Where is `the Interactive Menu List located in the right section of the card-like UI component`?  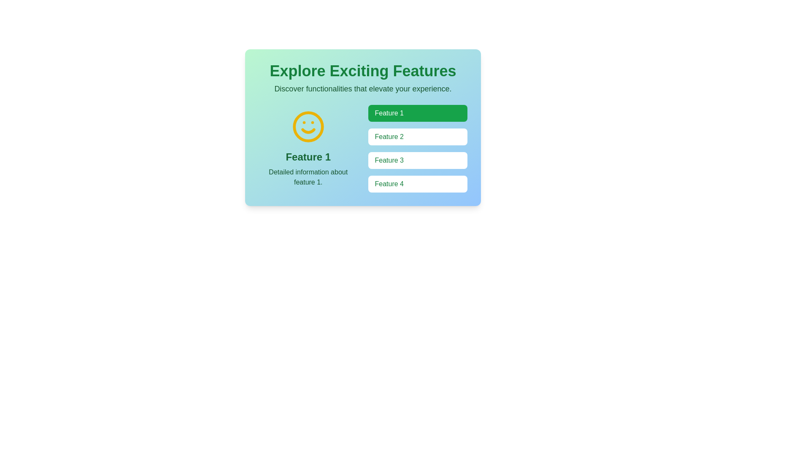
the Interactive Menu List located in the right section of the card-like UI component is located at coordinates (418, 148).